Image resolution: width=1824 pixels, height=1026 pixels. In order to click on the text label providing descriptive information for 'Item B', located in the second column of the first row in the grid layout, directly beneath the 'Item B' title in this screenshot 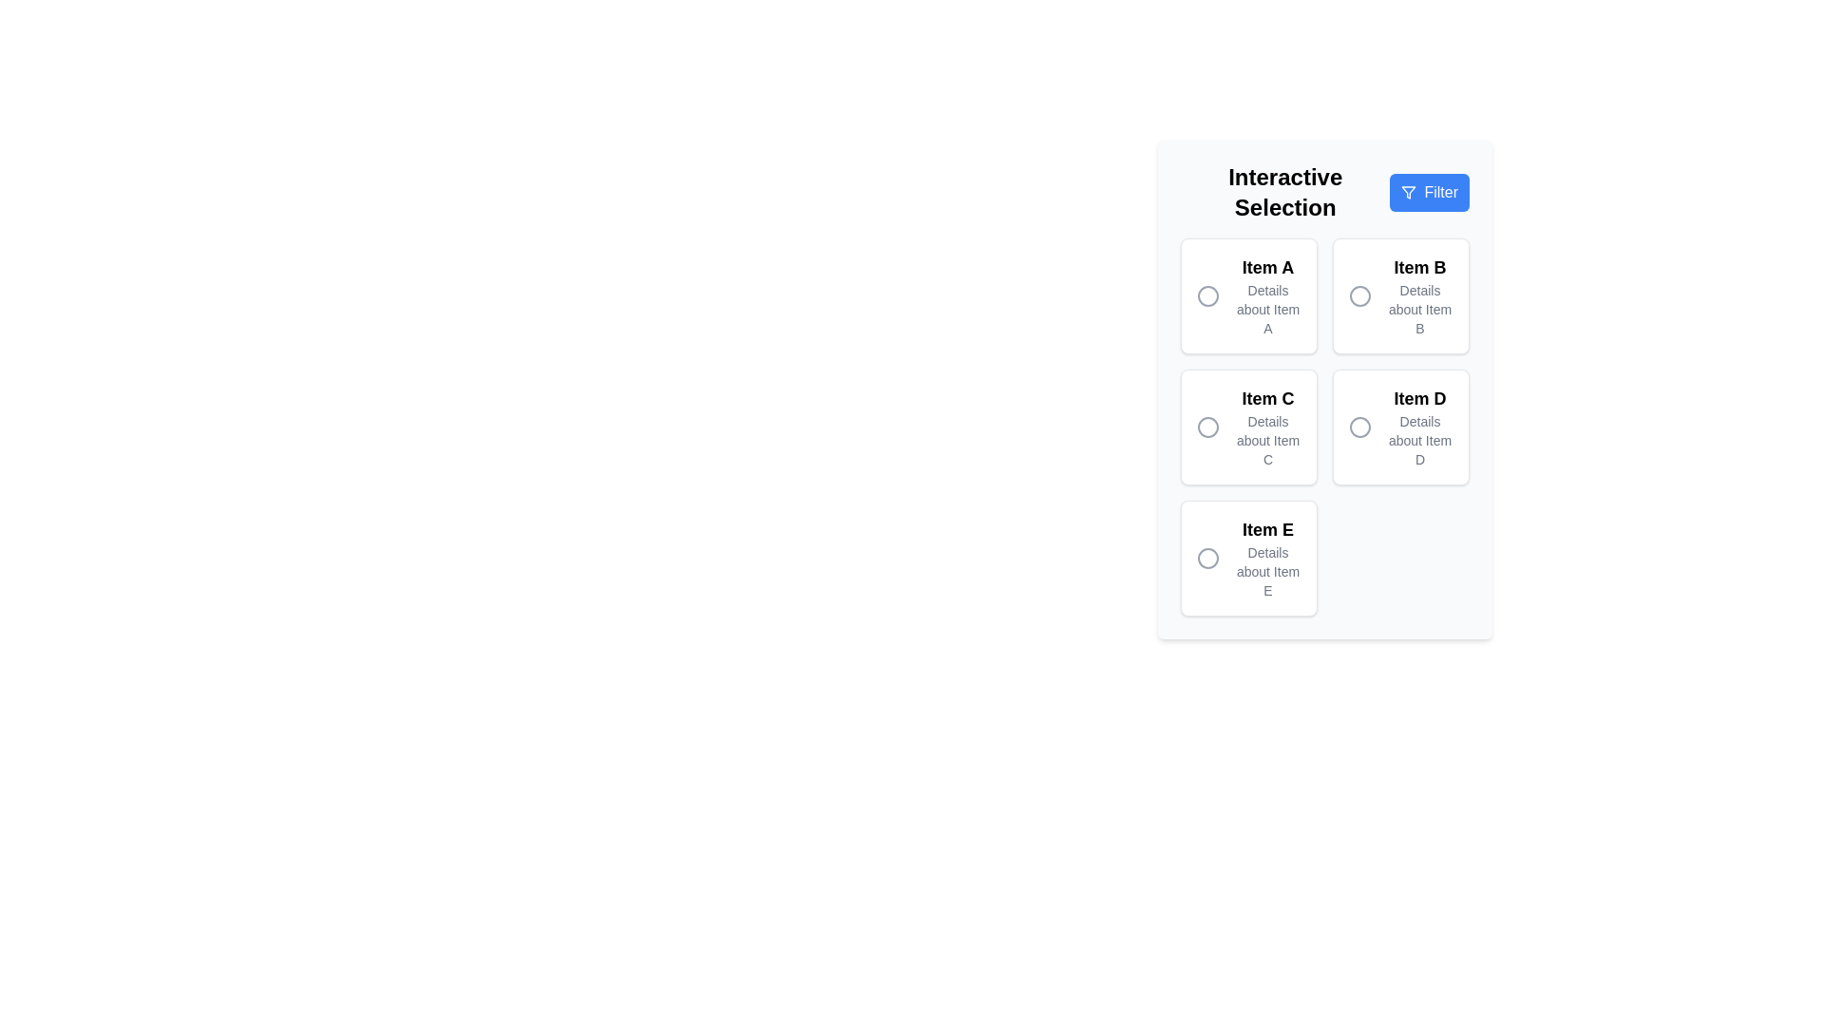, I will do `click(1419, 309)`.